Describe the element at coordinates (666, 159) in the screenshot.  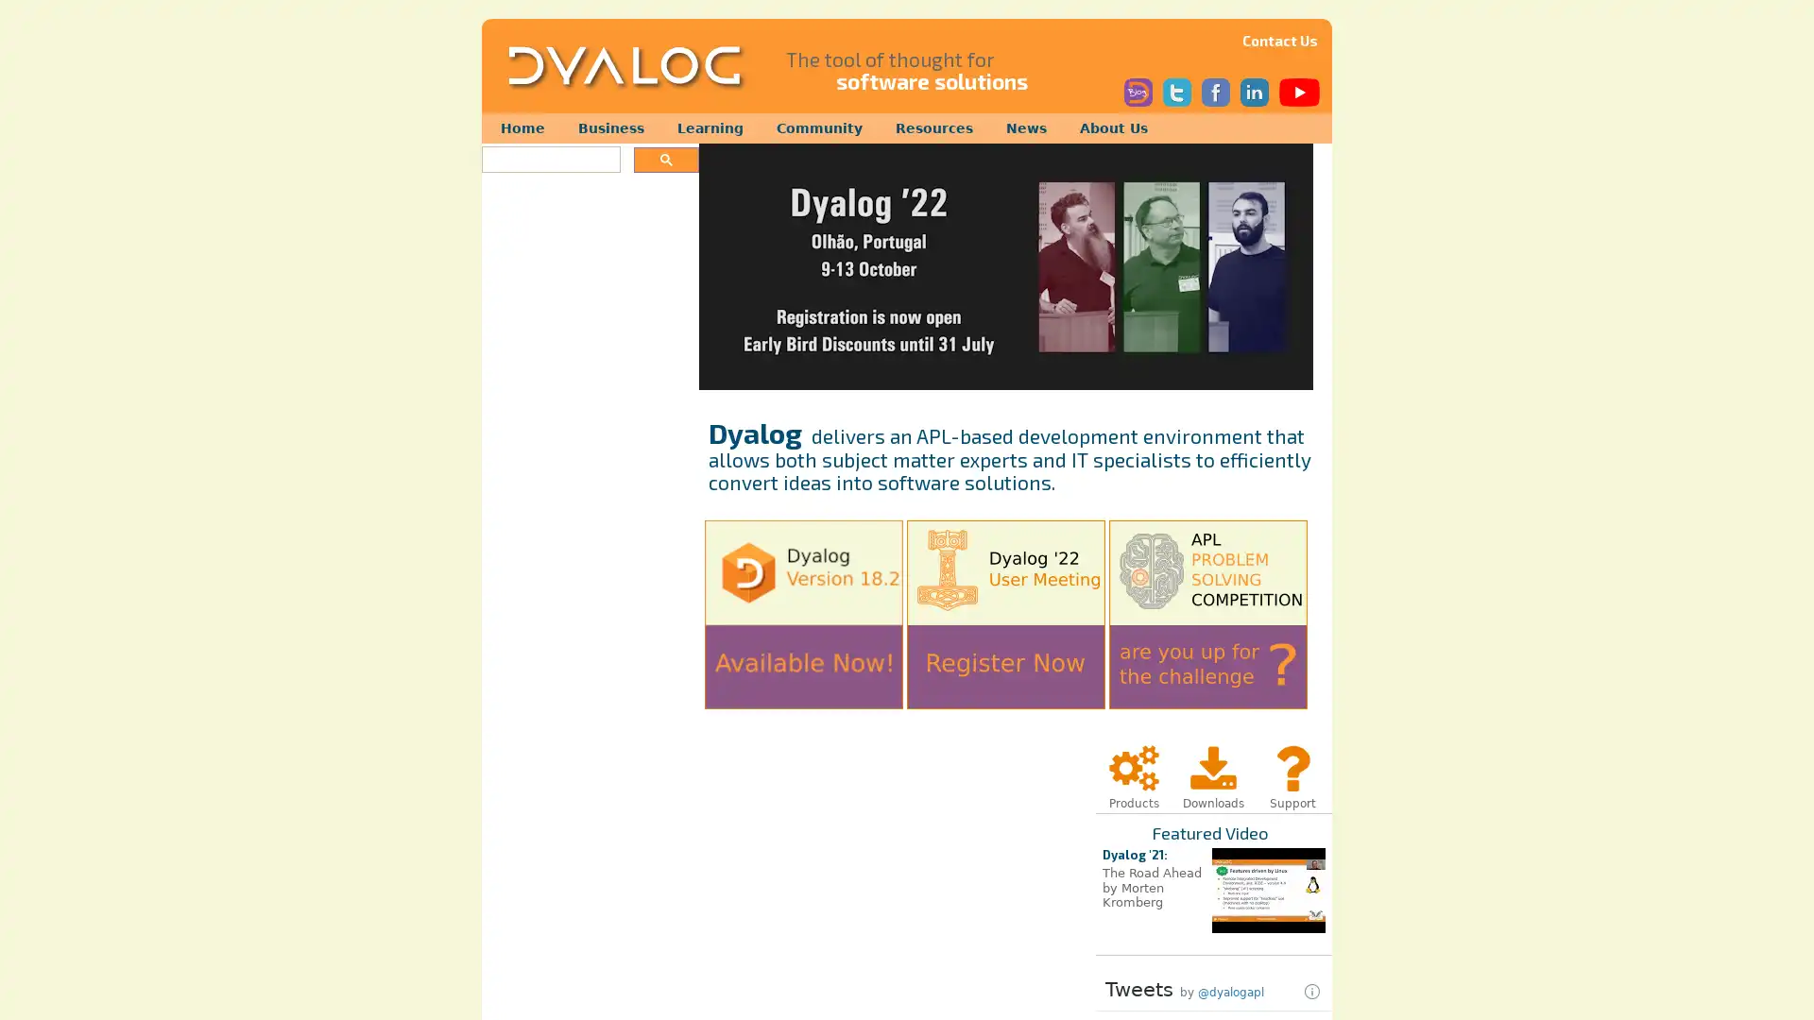
I see `search` at that location.